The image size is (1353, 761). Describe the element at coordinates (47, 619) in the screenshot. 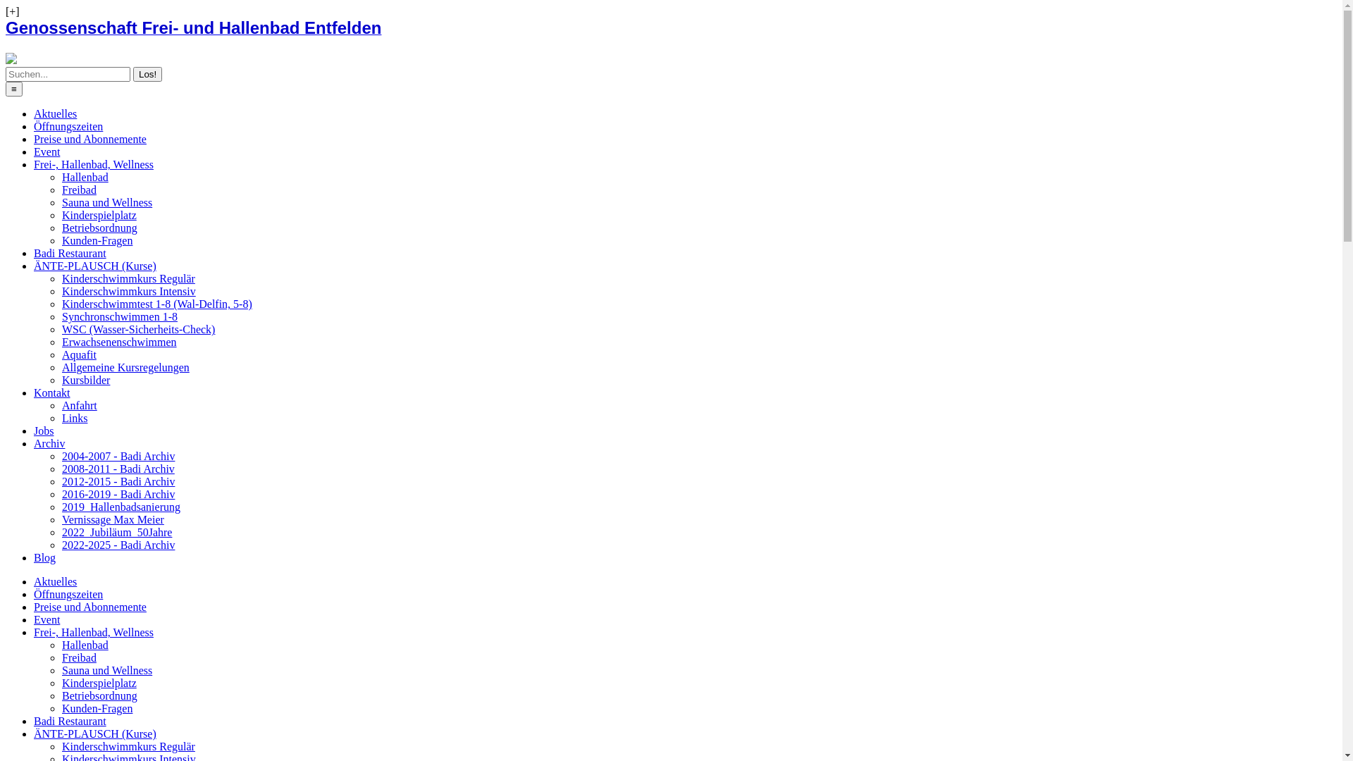

I see `'Event'` at that location.